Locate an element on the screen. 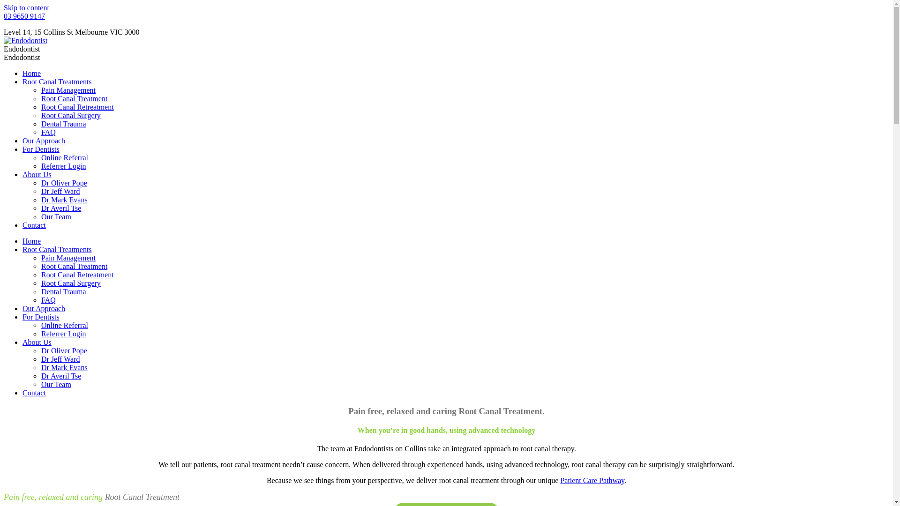 The image size is (900, 506). 'Dr Averil Tse' is located at coordinates (60, 375).